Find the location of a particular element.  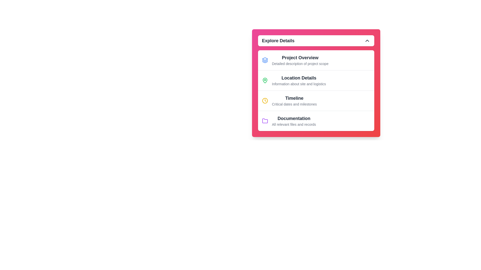

the chevron icon button located in the header section of the 'Explore Details' card is located at coordinates (367, 40).